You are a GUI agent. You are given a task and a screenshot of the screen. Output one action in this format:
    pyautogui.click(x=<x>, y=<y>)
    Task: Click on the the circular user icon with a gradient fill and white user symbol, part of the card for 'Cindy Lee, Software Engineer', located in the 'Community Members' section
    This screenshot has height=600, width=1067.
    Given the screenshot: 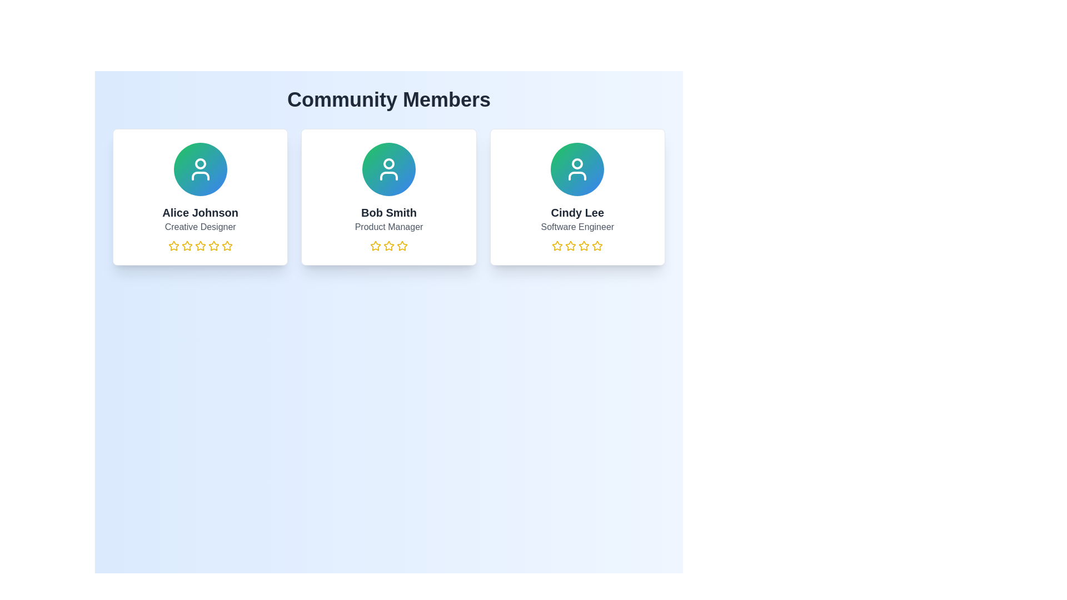 What is the action you would take?
    pyautogui.click(x=577, y=169)
    